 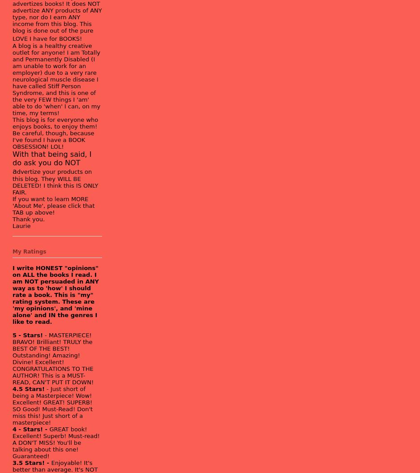 What do you see at coordinates (13, 391) in the screenshot?
I see `'- Just short of being a Masterpiece!'` at bounding box center [13, 391].